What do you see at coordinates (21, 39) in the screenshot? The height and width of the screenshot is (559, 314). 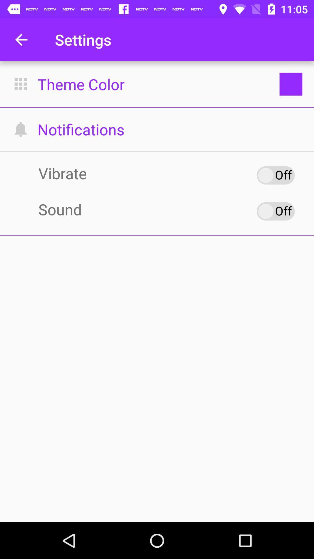 I see `item above theme color` at bounding box center [21, 39].